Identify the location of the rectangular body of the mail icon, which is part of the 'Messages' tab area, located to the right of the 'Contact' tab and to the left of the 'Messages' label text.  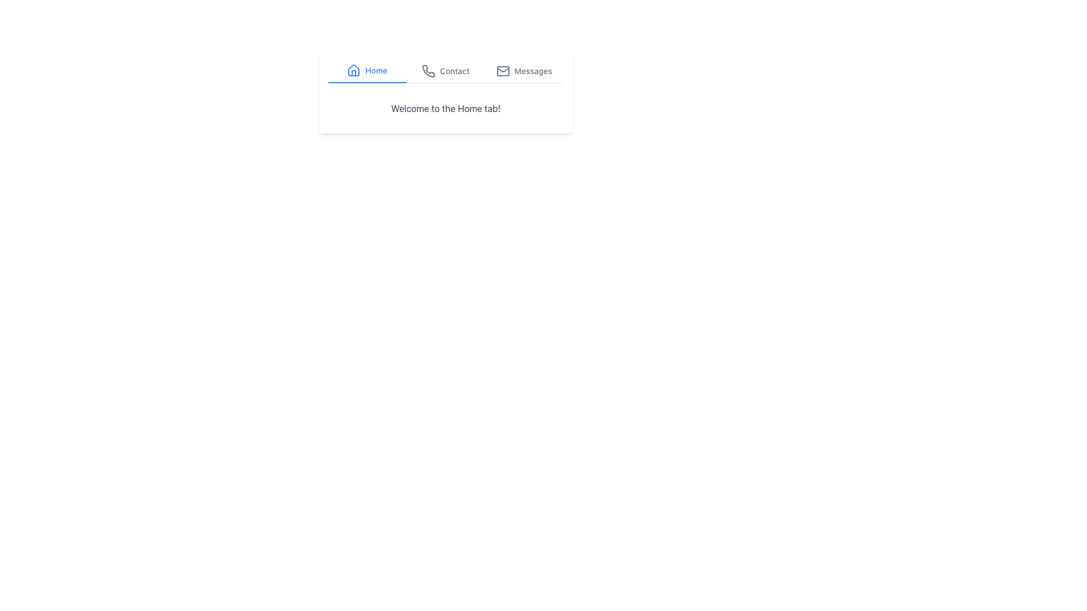
(502, 71).